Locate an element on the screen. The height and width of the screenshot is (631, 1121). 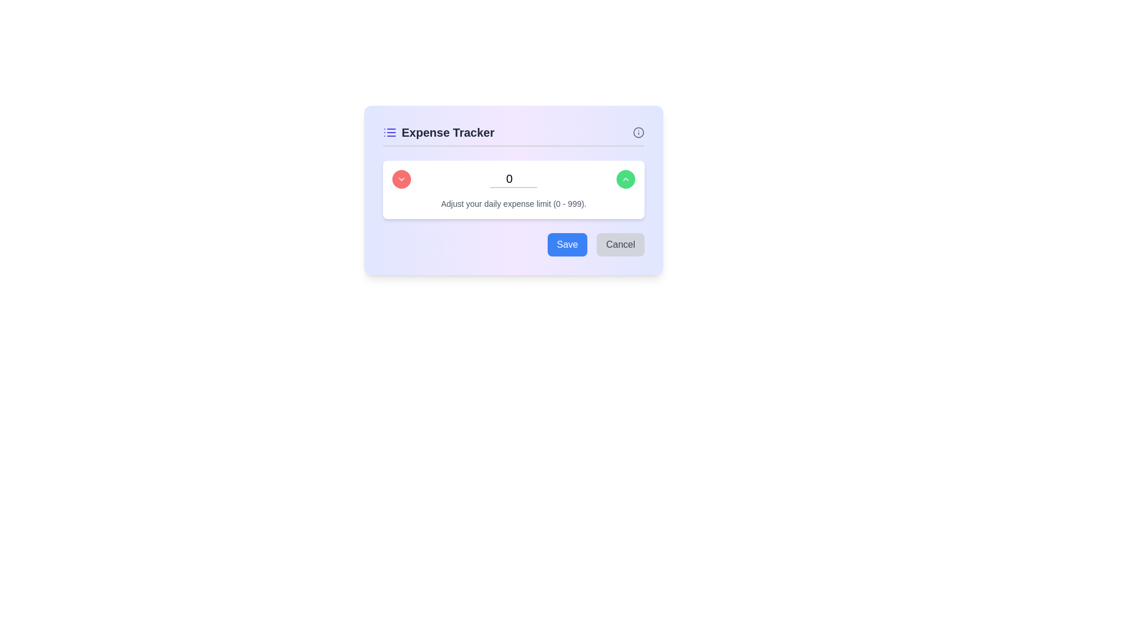
the indigo icon resembling a list, located to the left of the 'Expense Tracker' title at the top-left area of the panel is located at coordinates (389, 132).